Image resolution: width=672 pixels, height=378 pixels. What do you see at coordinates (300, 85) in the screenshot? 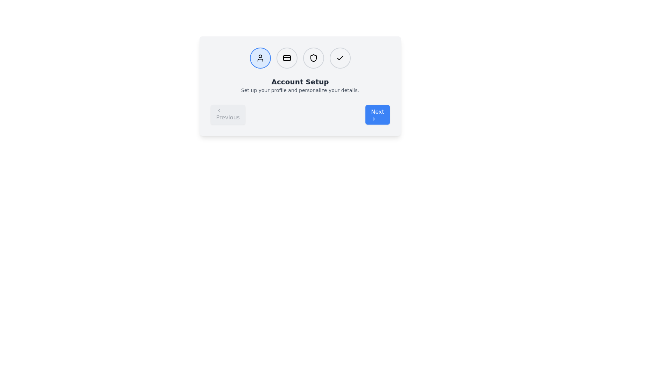
I see `the title and description block that introduces users to the 'Account Setup' step, located centrally below the circular icons and above the 'Previous' and 'Next' buttons` at bounding box center [300, 85].